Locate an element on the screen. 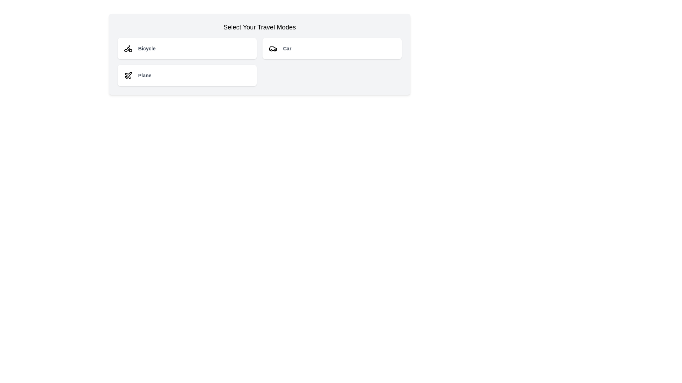 The image size is (682, 383). the Bicycle icon in the selection menu located within the left segment of the options labeled 'Select Your Travel Modes' is located at coordinates (128, 48).